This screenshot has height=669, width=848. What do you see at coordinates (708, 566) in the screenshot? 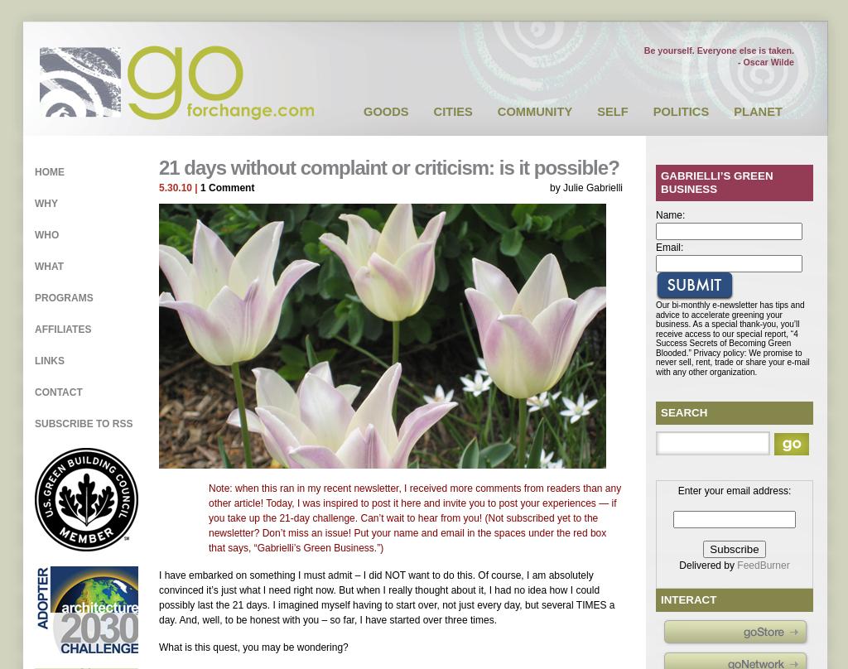
I see `'Delivered by'` at bounding box center [708, 566].